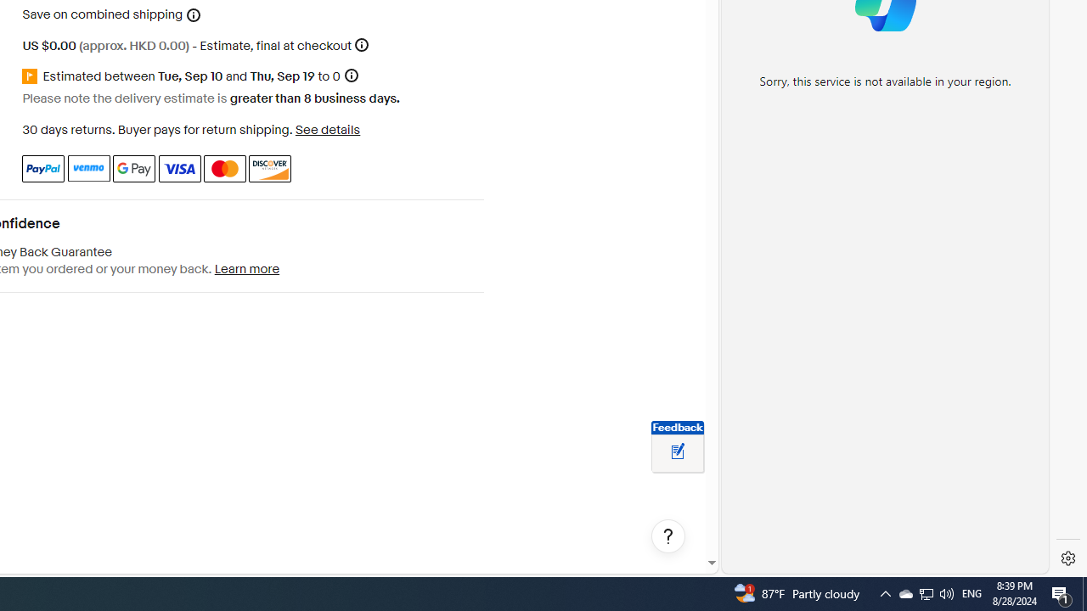 The image size is (1087, 611). Describe the element at coordinates (327, 129) in the screenshot. I see `'See details - for more information about returns'` at that location.